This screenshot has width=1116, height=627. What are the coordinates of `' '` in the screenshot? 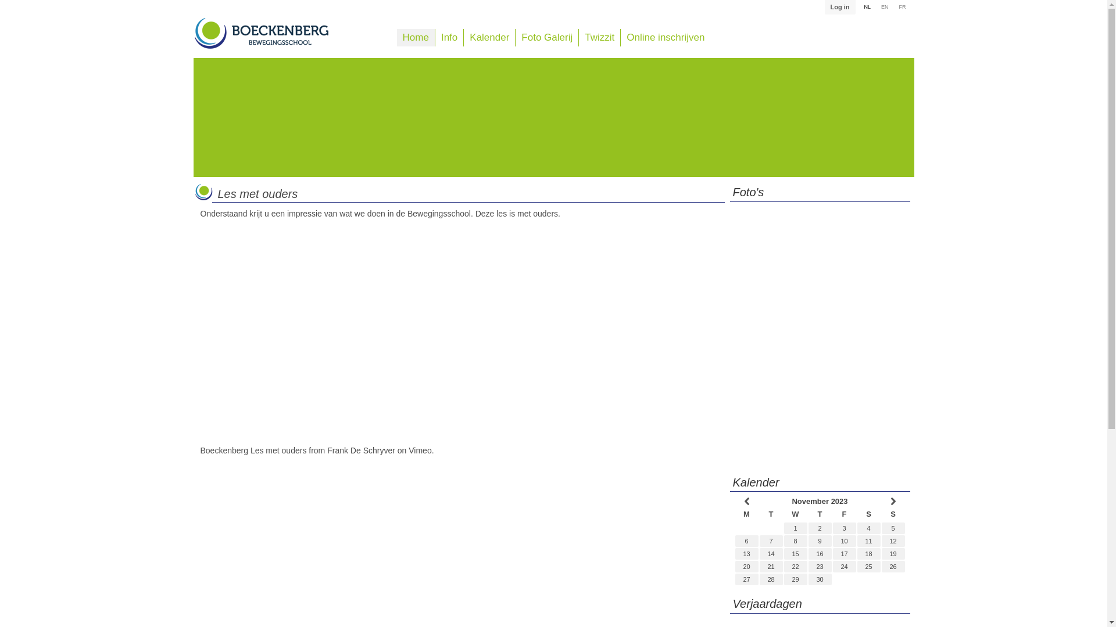 It's located at (892, 500).